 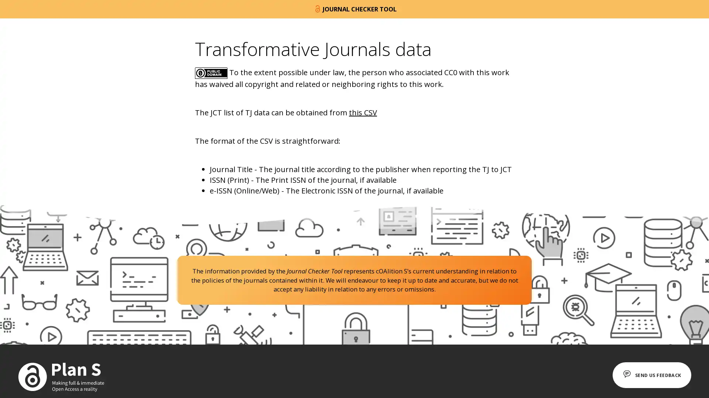 I want to click on SEND US FEEDBACK, so click(x=648, y=375).